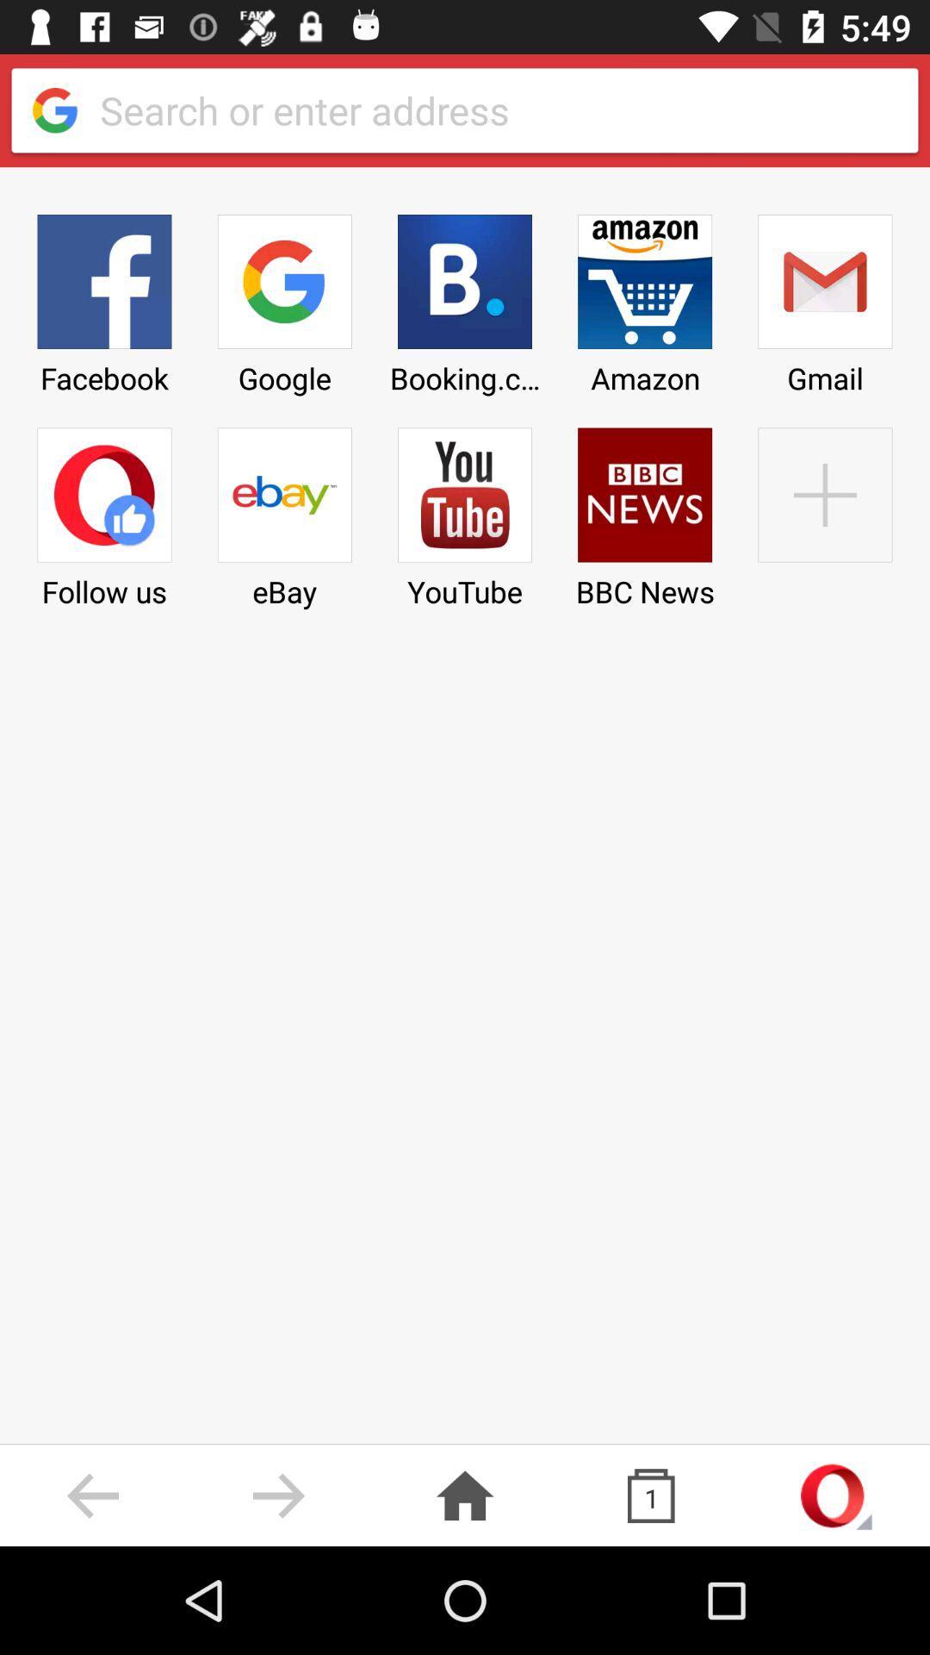  I want to click on the facebook icon, so click(104, 298).